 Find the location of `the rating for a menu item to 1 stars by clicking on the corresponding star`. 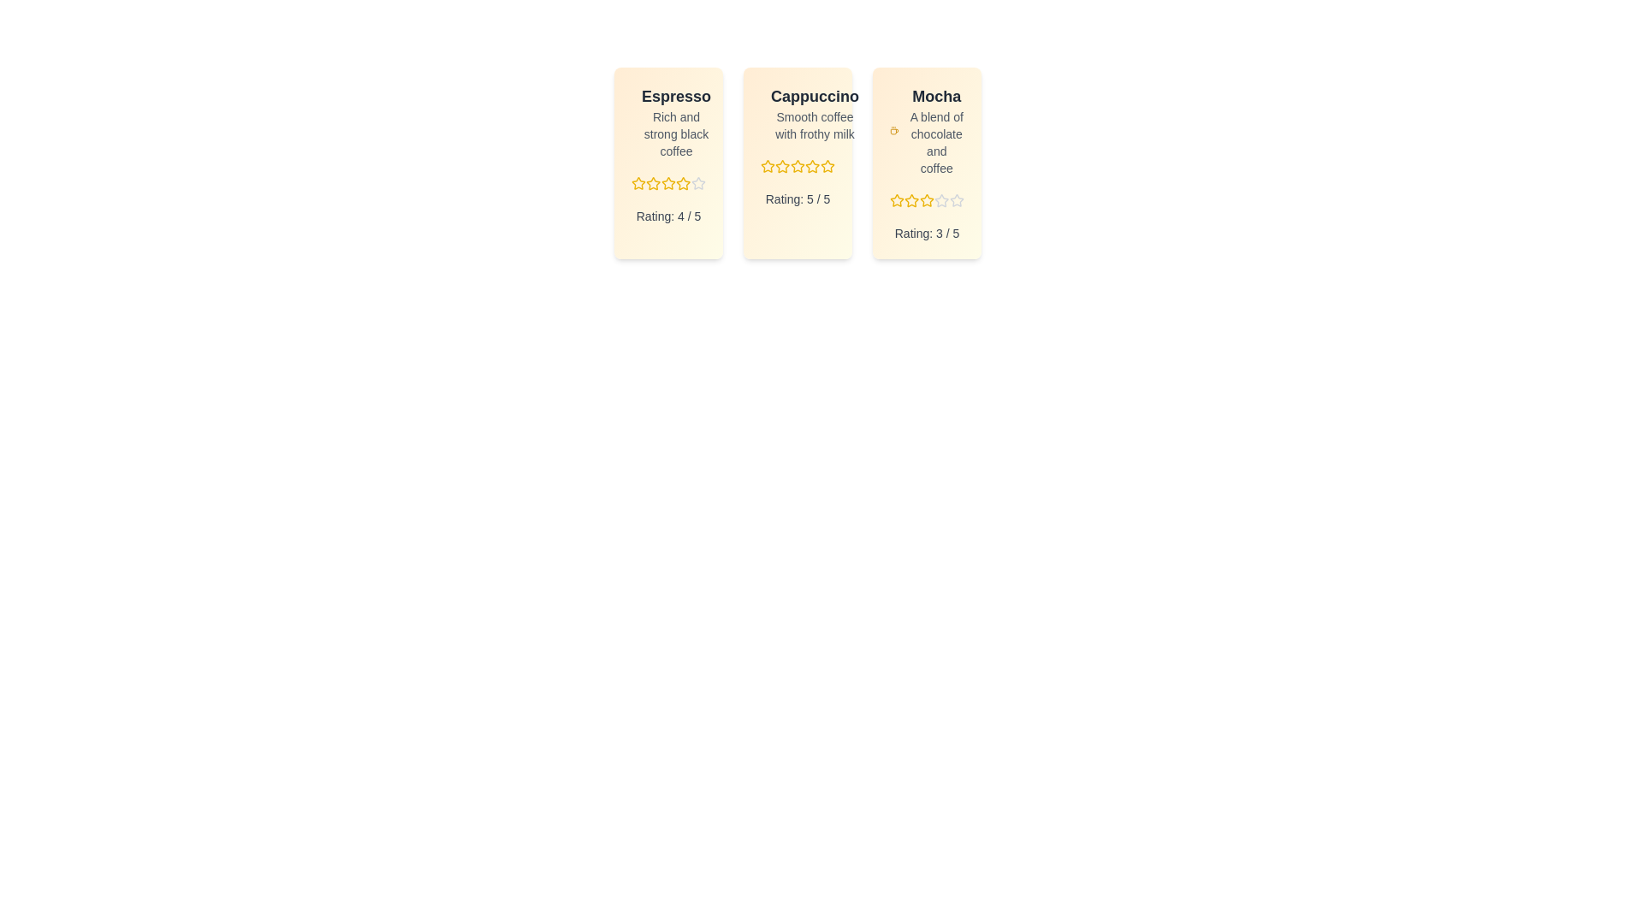

the rating for a menu item to 1 stars by clicking on the corresponding star is located at coordinates (638, 184).